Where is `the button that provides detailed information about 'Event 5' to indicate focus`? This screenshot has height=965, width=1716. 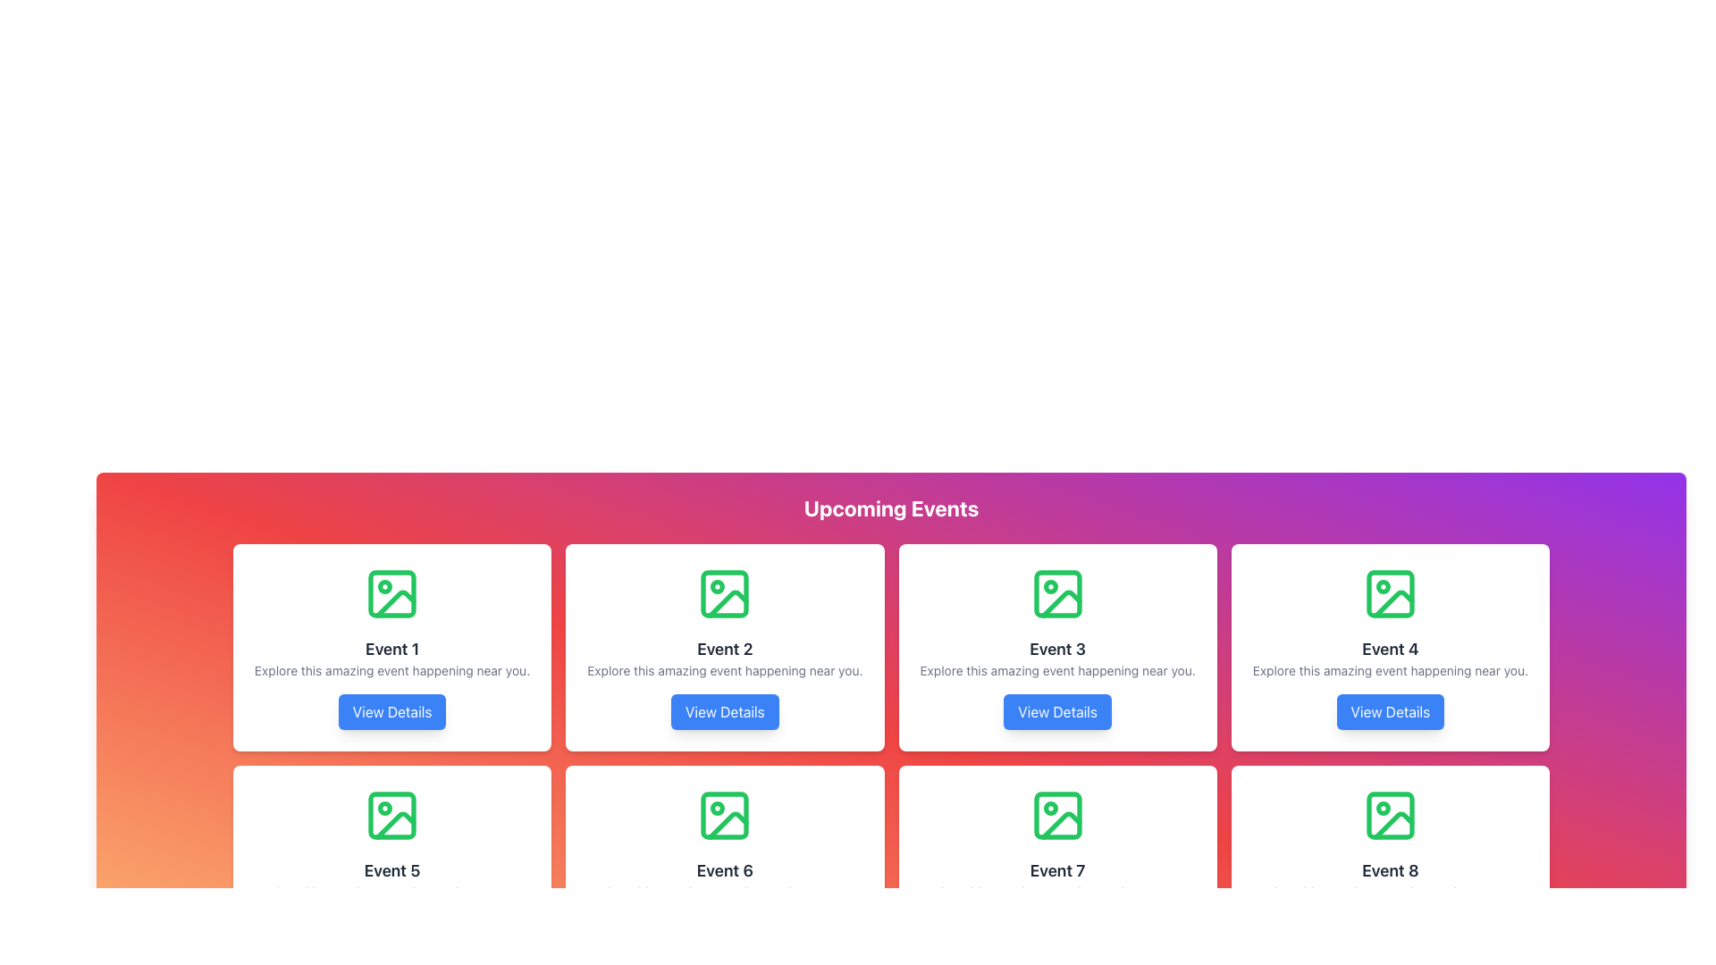
the button that provides detailed information about 'Event 5' to indicate focus is located at coordinates (391, 933).